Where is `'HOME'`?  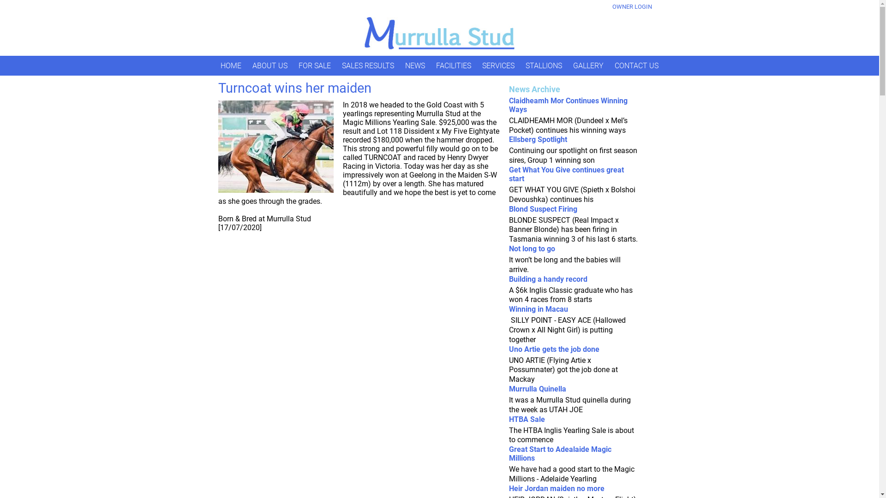
'HOME' is located at coordinates (233, 65).